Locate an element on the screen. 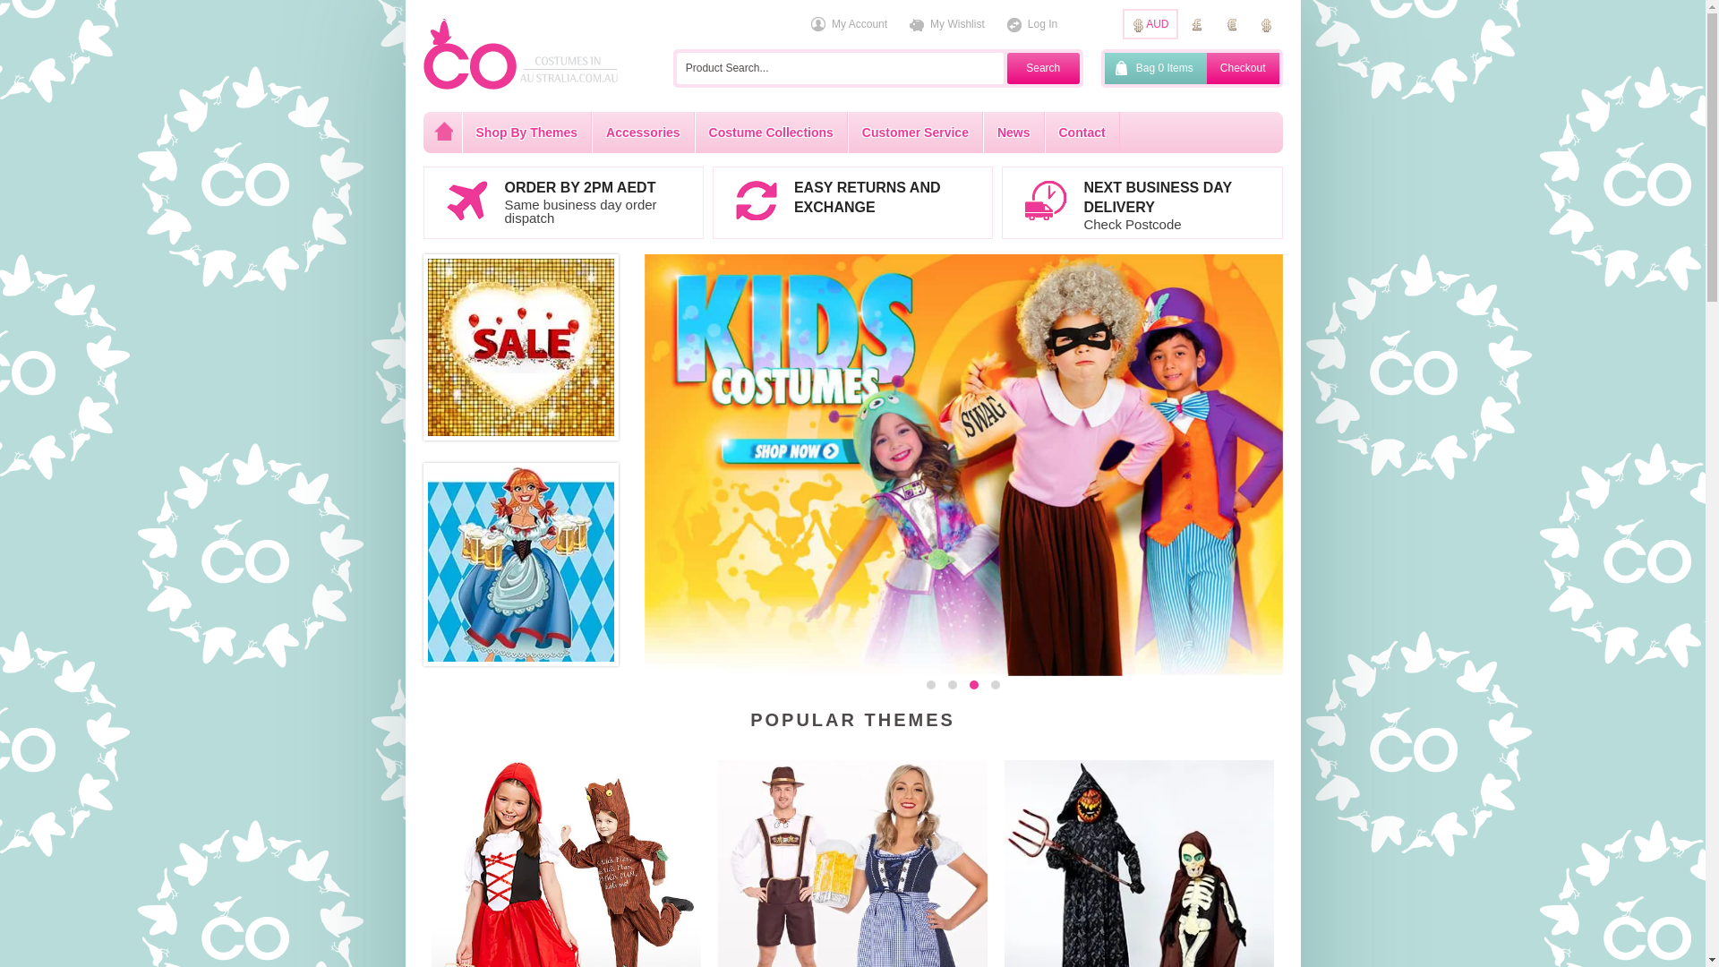 The width and height of the screenshot is (1719, 967). 'NEXT BUSINESS DAY DELIVERY is located at coordinates (1141, 201).